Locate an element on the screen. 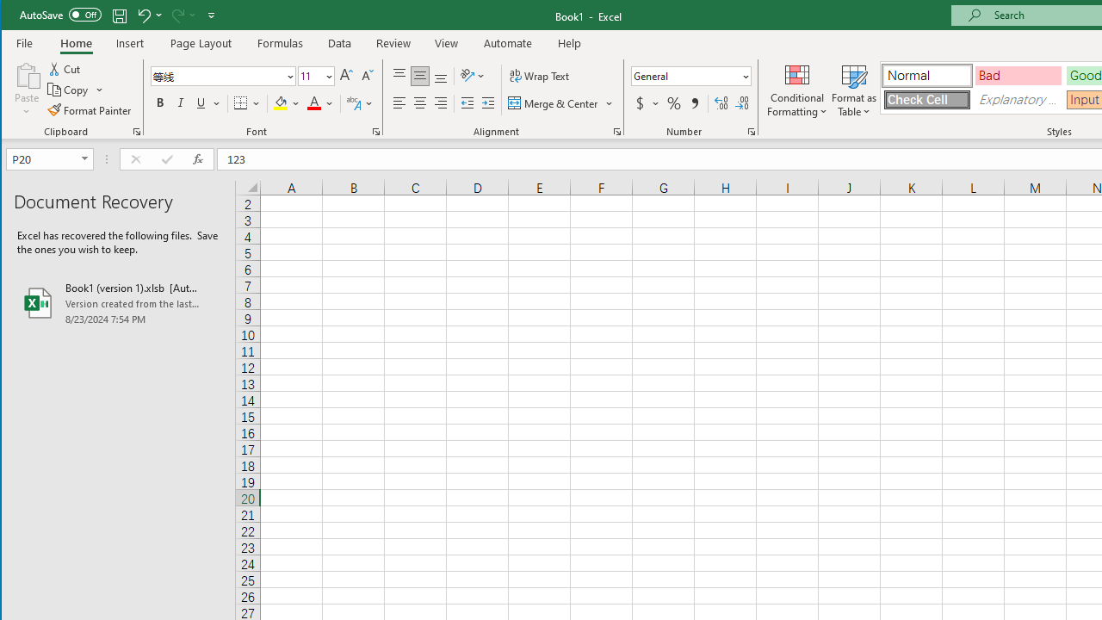 The height and width of the screenshot is (620, 1102). 'Font' is located at coordinates (222, 75).